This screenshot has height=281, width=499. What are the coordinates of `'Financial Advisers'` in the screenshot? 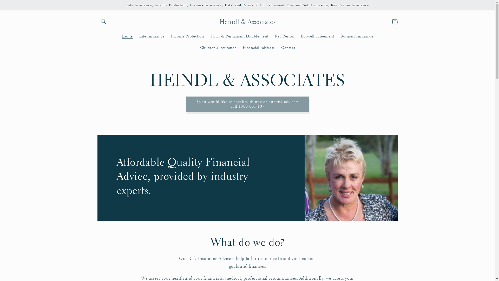 It's located at (259, 47).